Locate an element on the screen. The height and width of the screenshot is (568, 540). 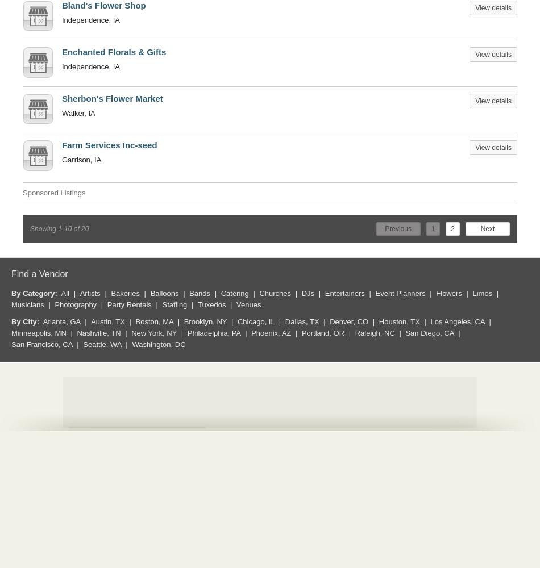
'Artists' is located at coordinates (89, 293).